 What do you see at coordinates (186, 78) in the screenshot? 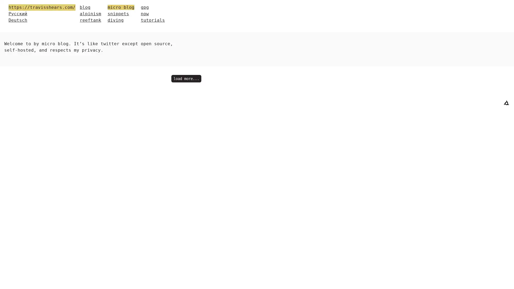
I see `load more...` at bounding box center [186, 78].